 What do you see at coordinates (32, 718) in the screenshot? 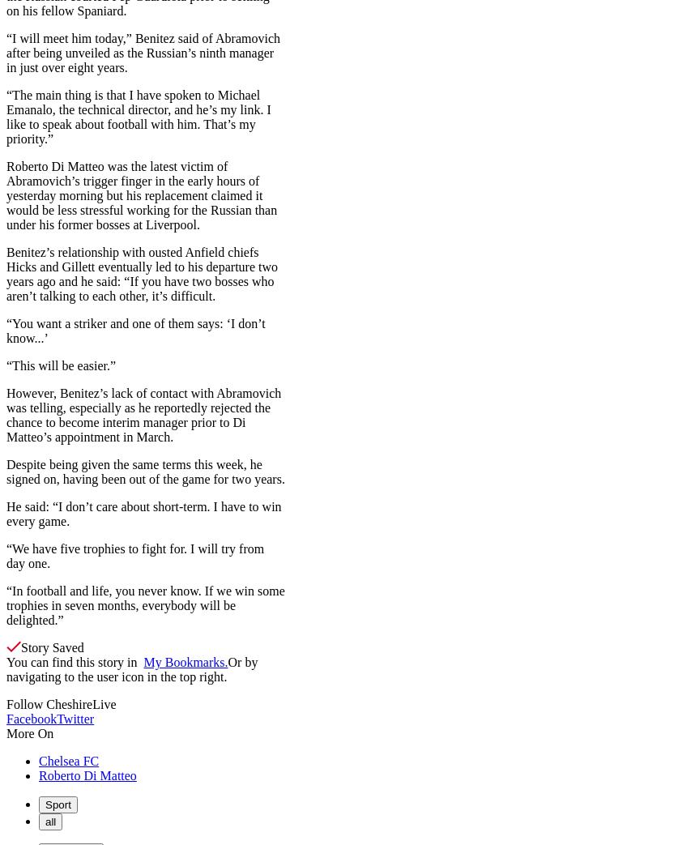
I see `'Facebook'` at bounding box center [32, 718].